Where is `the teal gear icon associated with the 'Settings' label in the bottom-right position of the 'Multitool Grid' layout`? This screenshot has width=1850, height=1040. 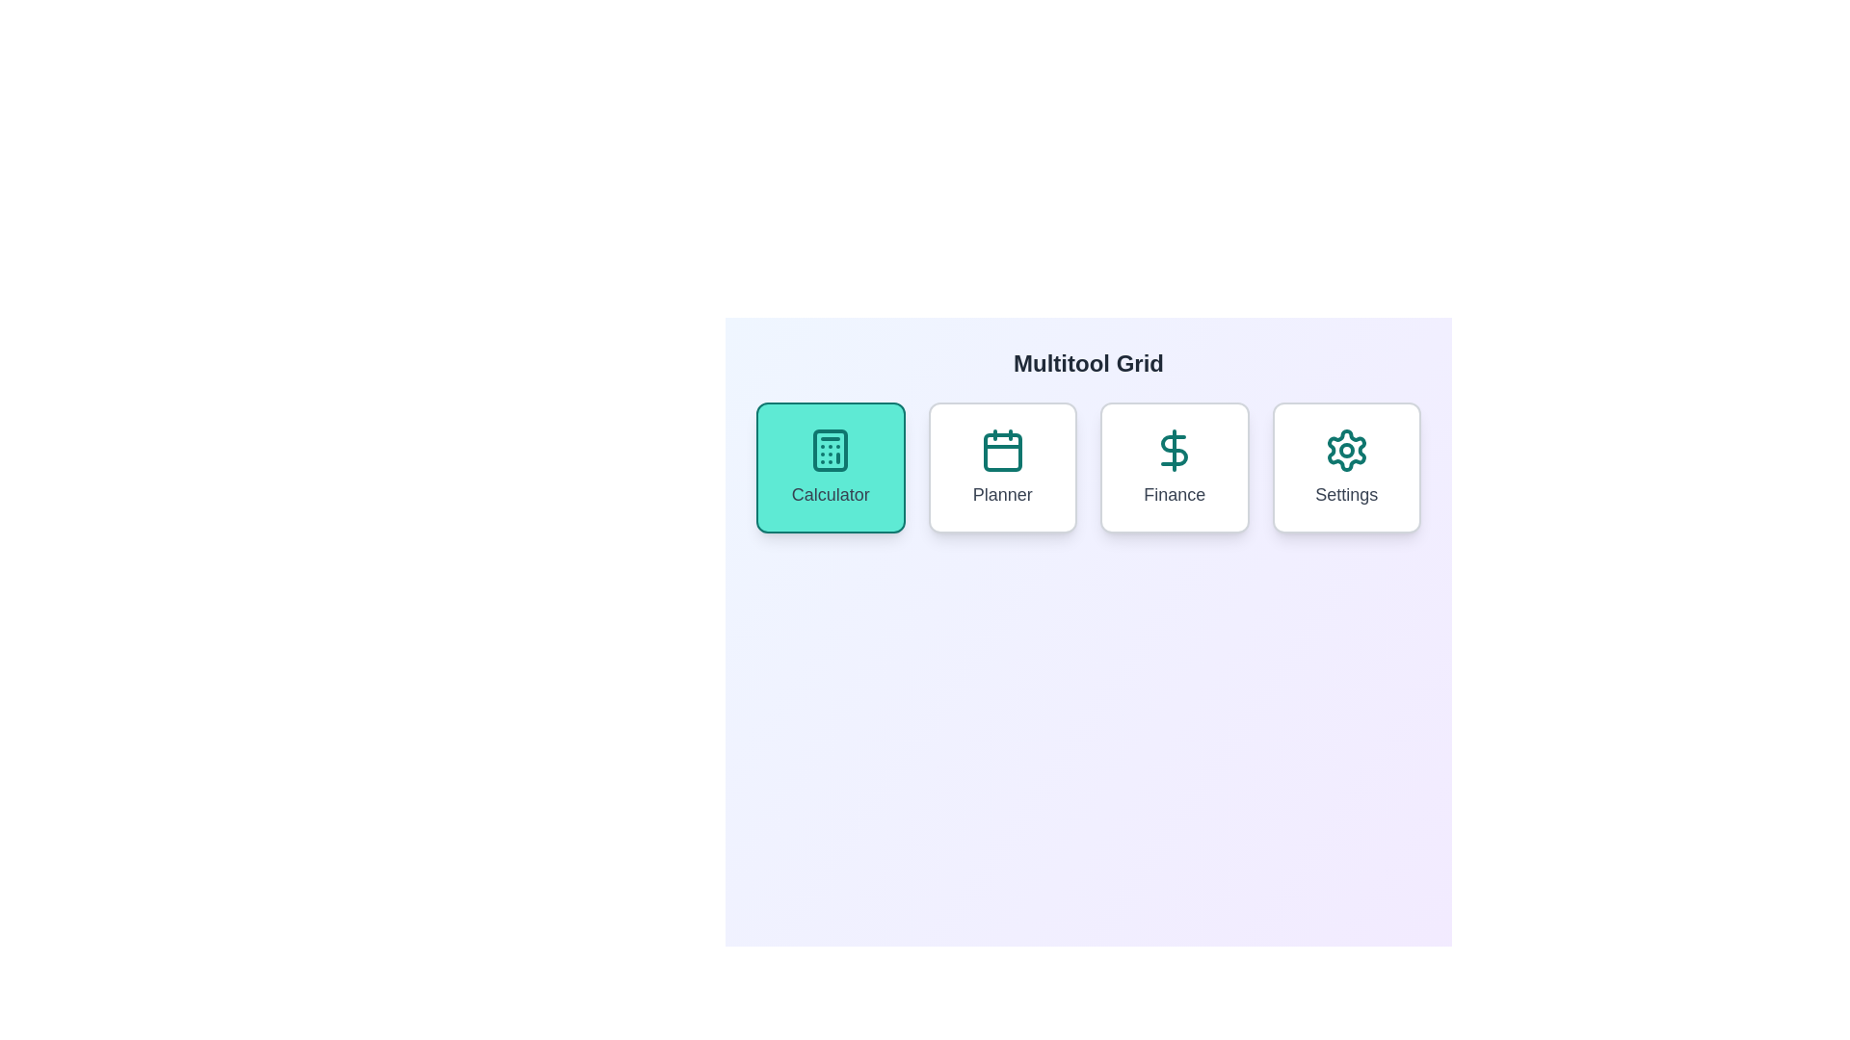 the teal gear icon associated with the 'Settings' label in the bottom-right position of the 'Multitool Grid' layout is located at coordinates (1345, 450).